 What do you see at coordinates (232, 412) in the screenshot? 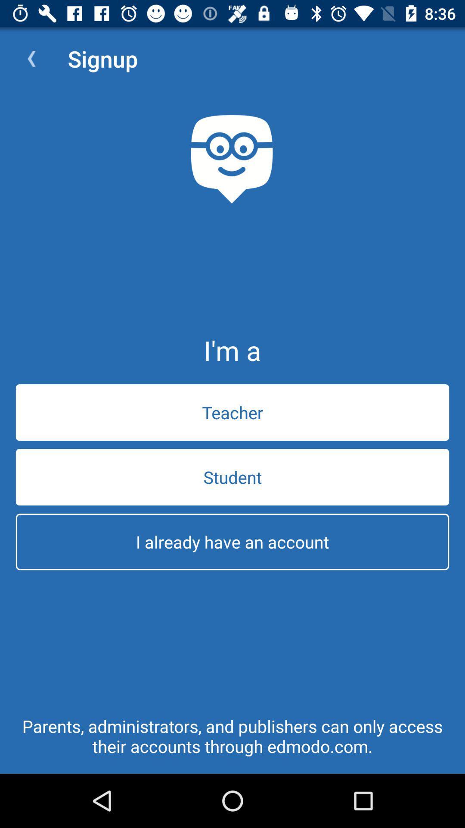
I see `the teacher icon` at bounding box center [232, 412].